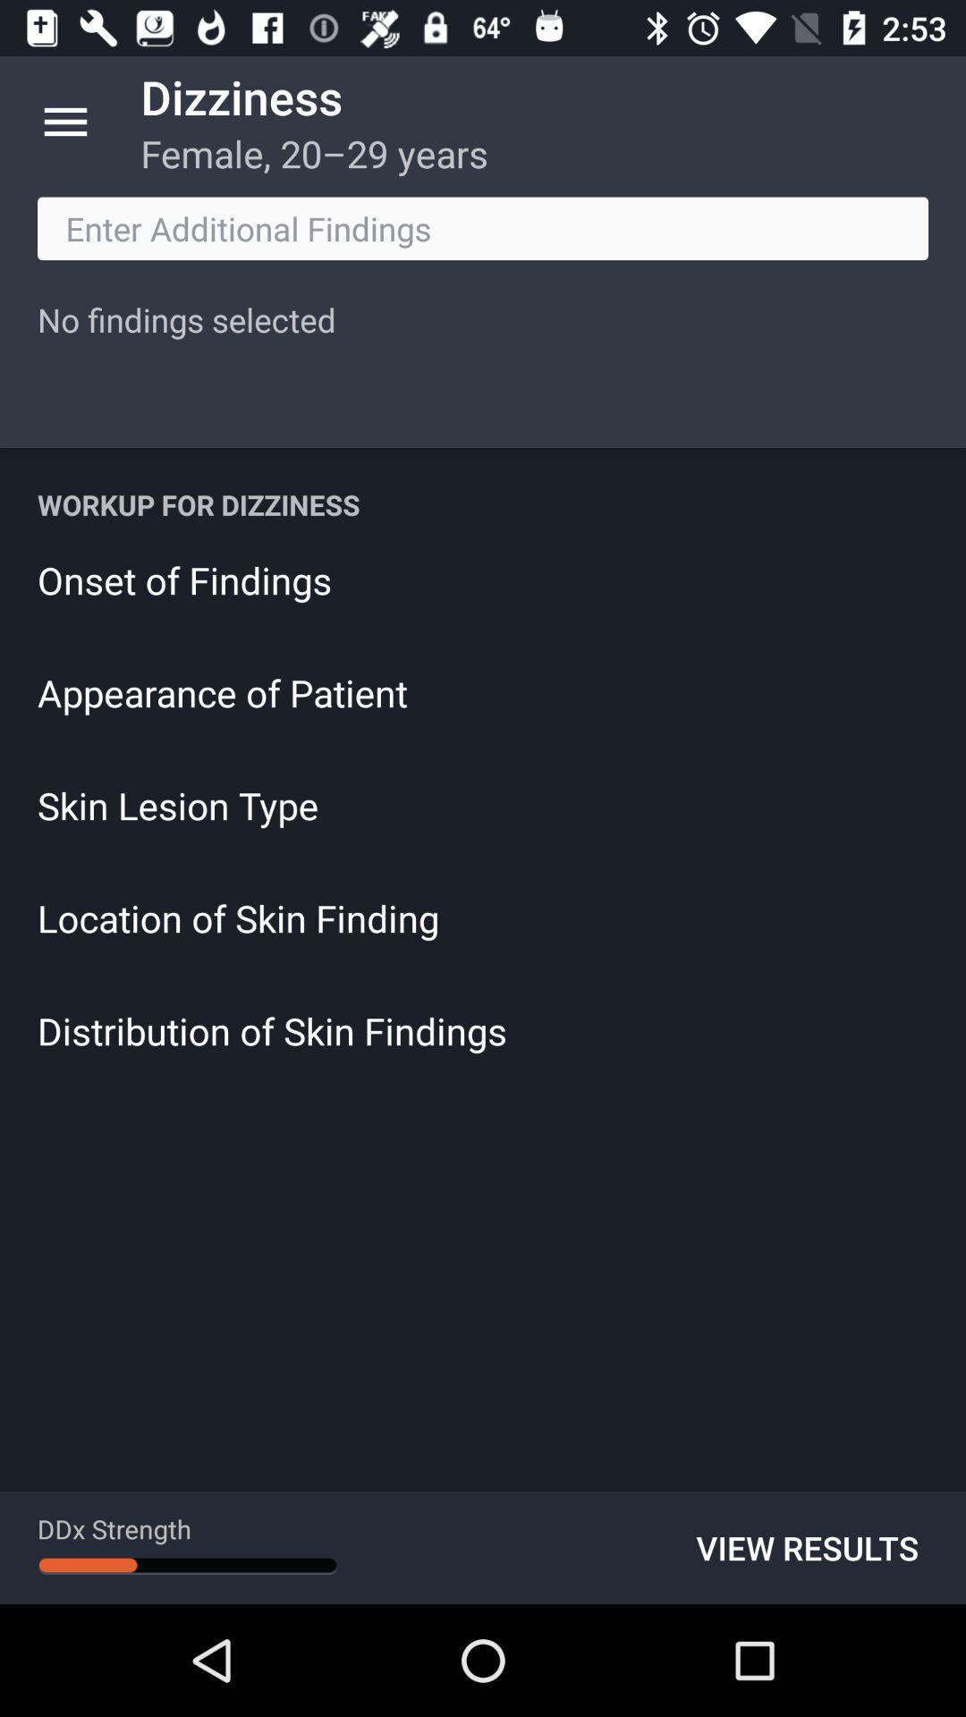 Image resolution: width=966 pixels, height=1717 pixels. I want to click on the item above location of skin icon, so click(483, 804).